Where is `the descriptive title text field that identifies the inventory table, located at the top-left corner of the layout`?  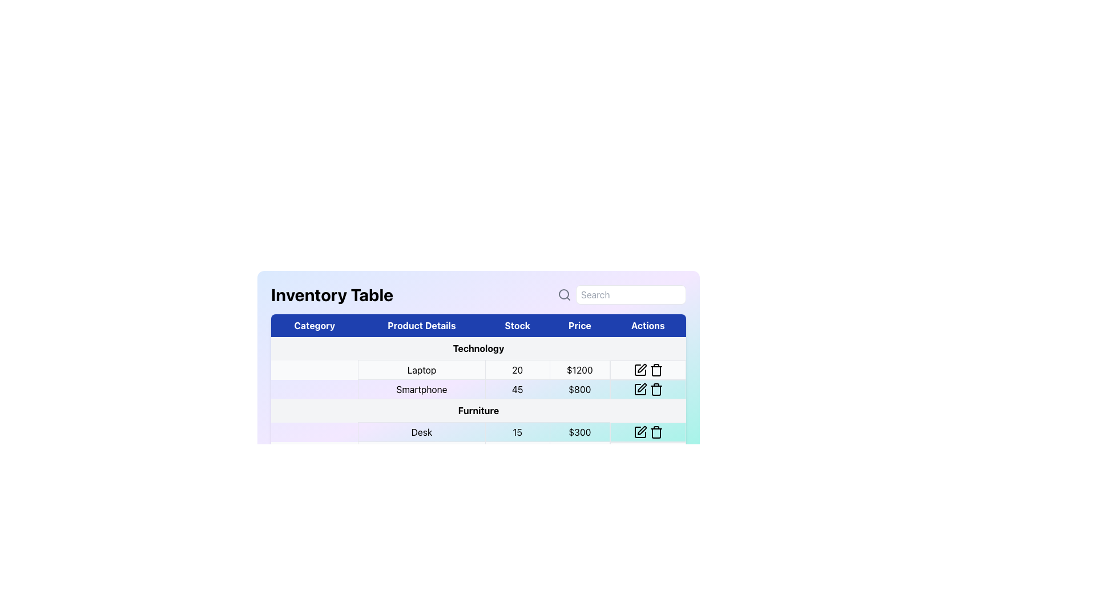 the descriptive title text field that identifies the inventory table, located at the top-left corner of the layout is located at coordinates (332, 294).